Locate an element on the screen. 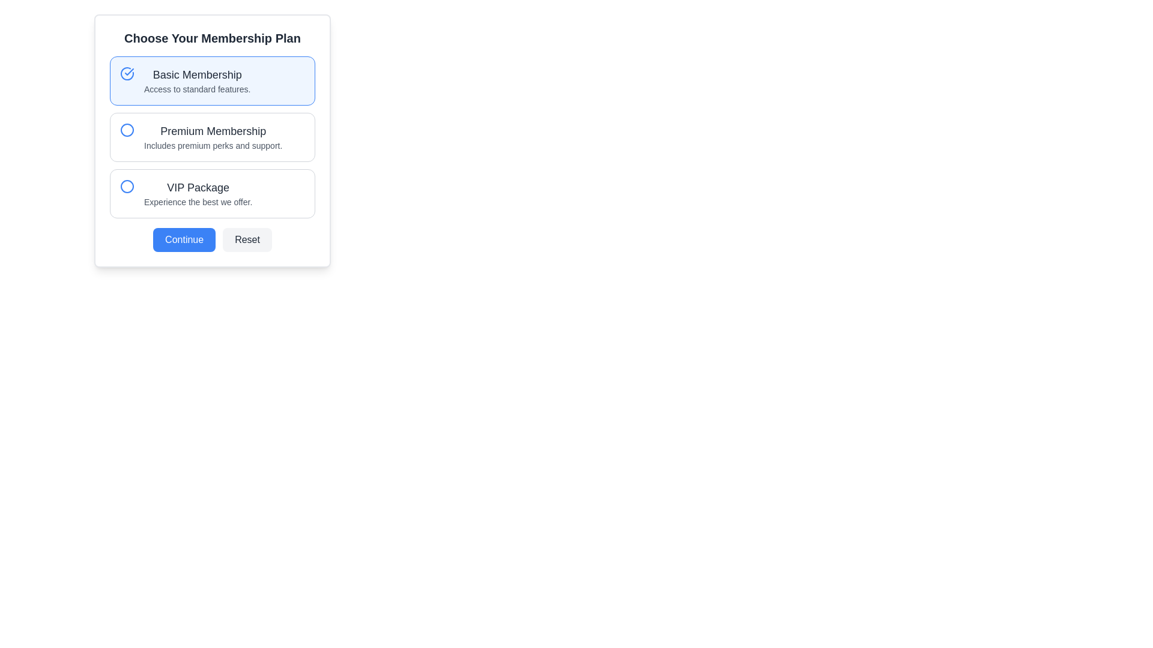 The image size is (1153, 648). the static text label that displays 'Basic Membership', which is positioned at the top-center of the membership selection card is located at coordinates (197, 74).